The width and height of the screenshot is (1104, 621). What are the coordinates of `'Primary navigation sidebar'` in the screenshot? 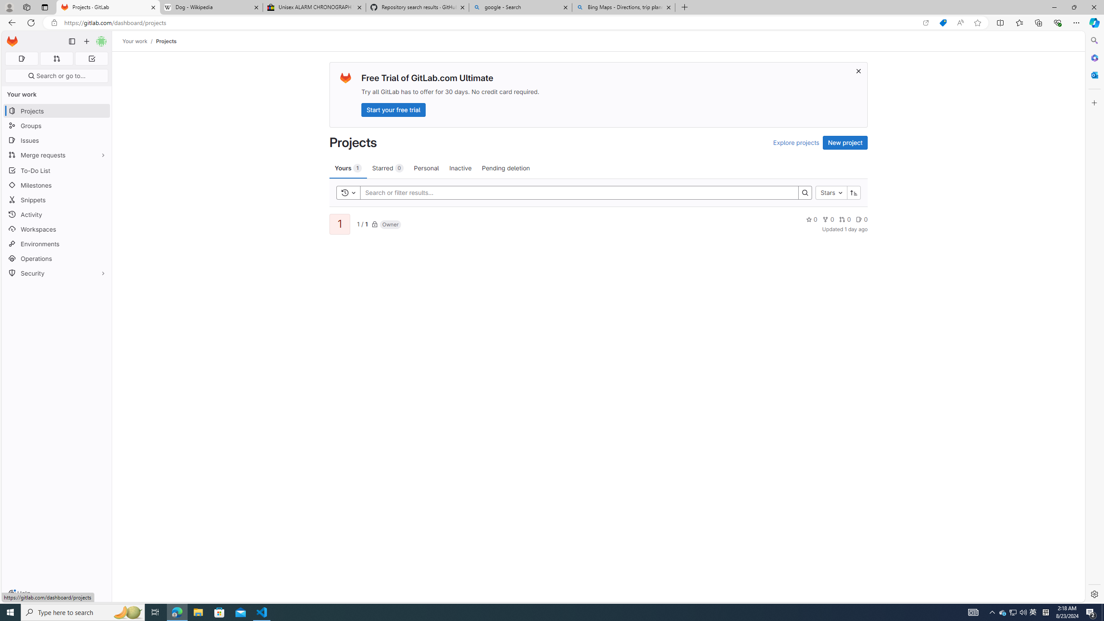 It's located at (72, 41).